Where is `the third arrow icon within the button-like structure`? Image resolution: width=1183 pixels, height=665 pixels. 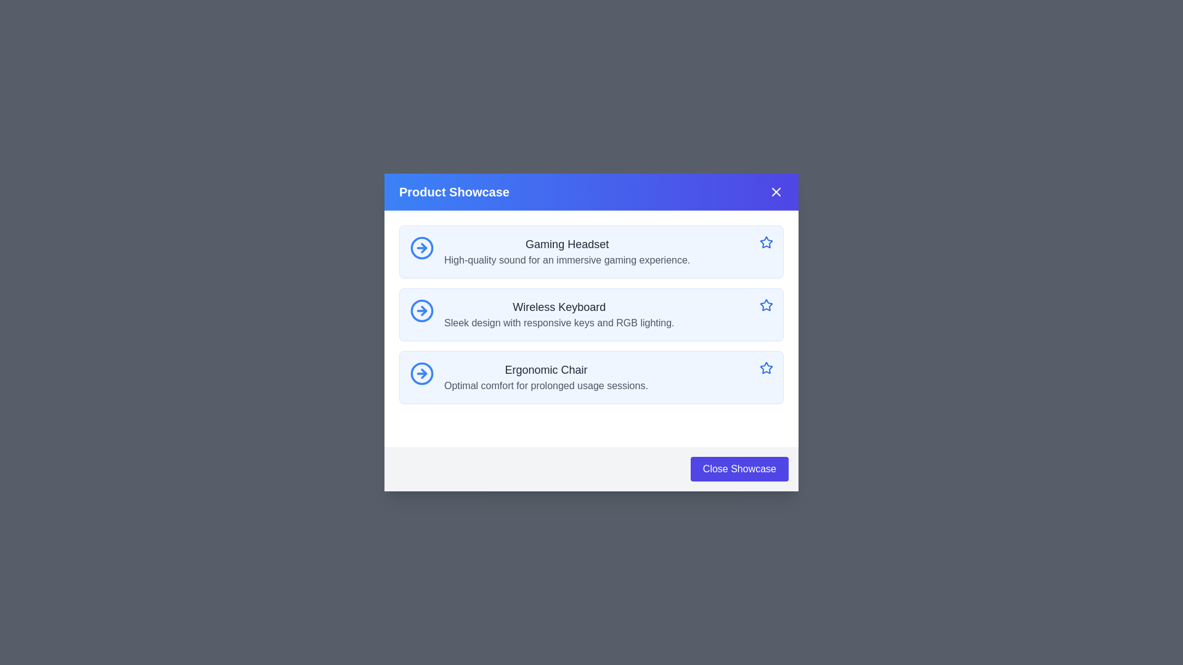 the third arrow icon within the button-like structure is located at coordinates (424, 373).